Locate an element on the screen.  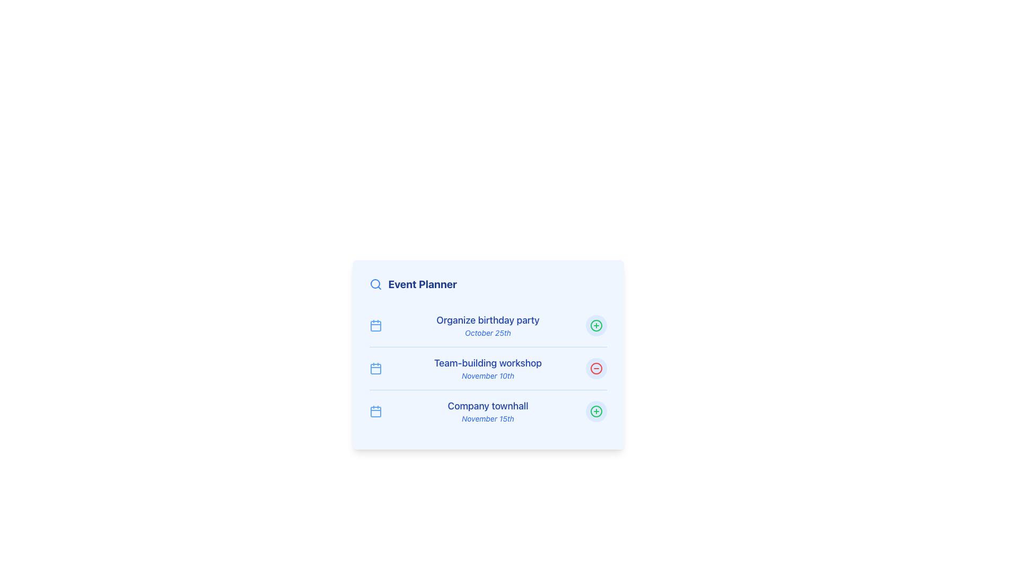
the button located at the right end of the 'Team-building workshop' row, next to the text 'November 10th', to observe the hover effect is located at coordinates (596, 368).